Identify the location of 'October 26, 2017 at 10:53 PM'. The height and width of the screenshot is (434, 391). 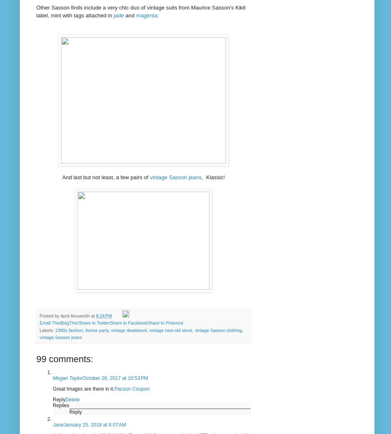
(115, 378).